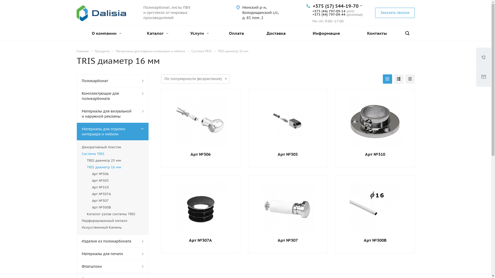 The image size is (495, 278). Describe the element at coordinates (312, 14) in the screenshot. I see `'+375 (44) 797-09-44'` at that location.